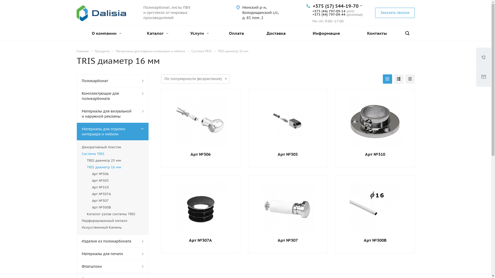 The image size is (495, 278). Describe the element at coordinates (312, 14) in the screenshot. I see `'+375 (44) 797-09-44'` at that location.